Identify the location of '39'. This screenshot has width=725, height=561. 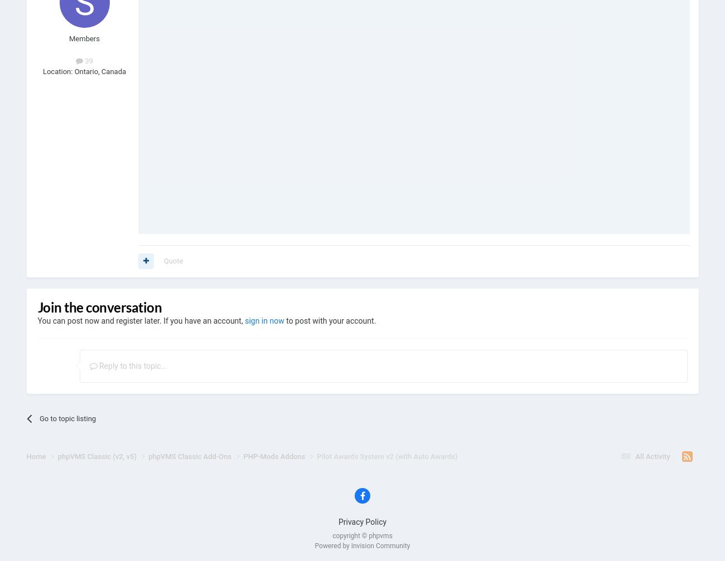
(87, 60).